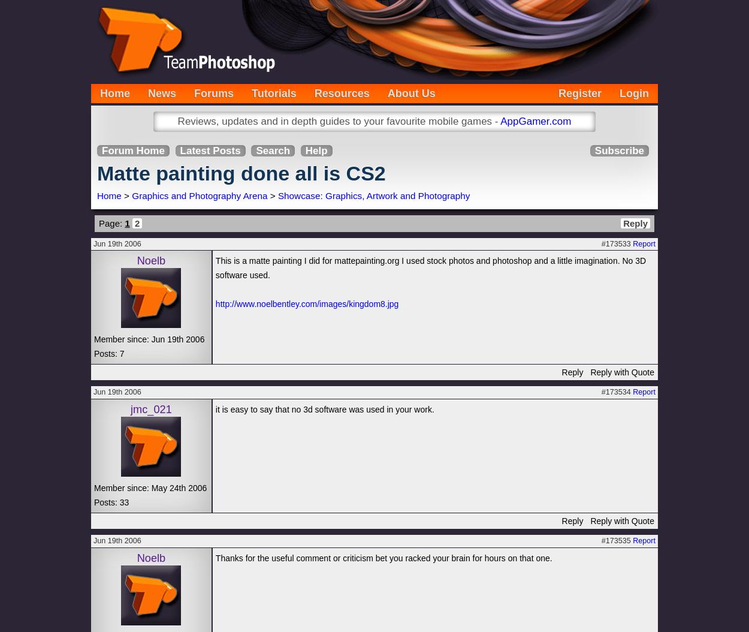 The image size is (749, 632). Describe the element at coordinates (241, 173) in the screenshot. I see `'Matte painting done all is CS2'` at that location.